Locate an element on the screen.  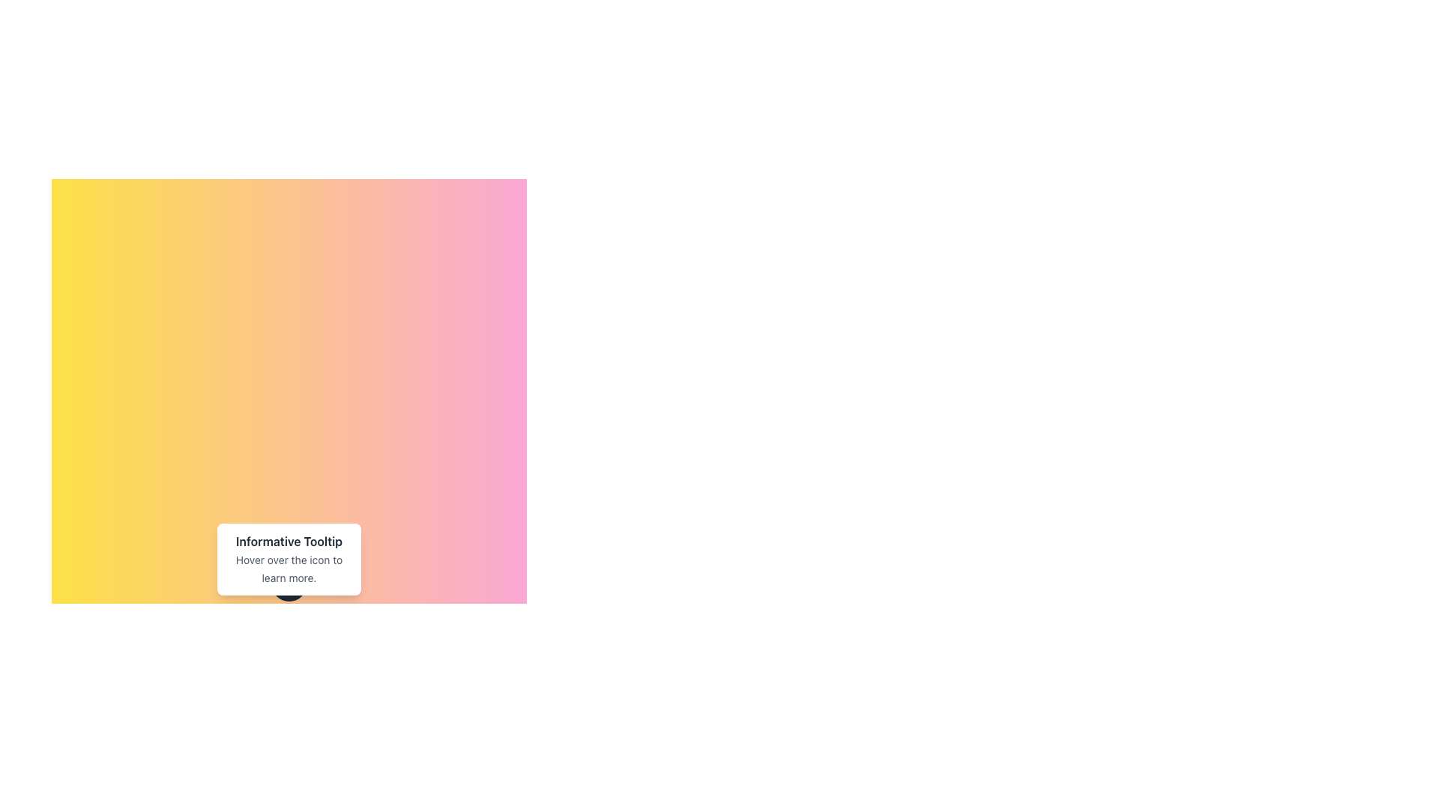
the tooltip with the title 'Informative Tooltip' and description 'Hover over the icon to learn more.' is located at coordinates (289, 560).